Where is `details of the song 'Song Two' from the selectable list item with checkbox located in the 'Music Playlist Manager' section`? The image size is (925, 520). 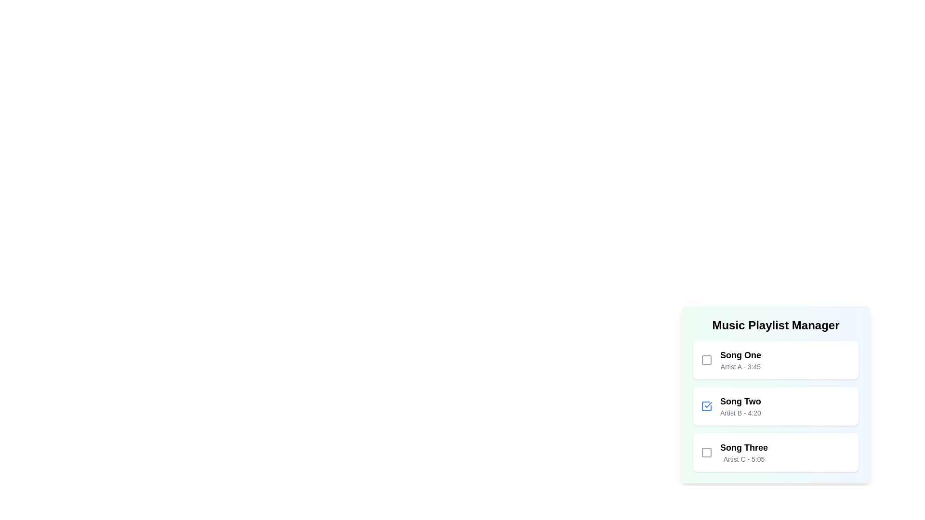
details of the song 'Song Two' from the selectable list item with checkbox located in the 'Music Playlist Manager' section is located at coordinates (776, 395).